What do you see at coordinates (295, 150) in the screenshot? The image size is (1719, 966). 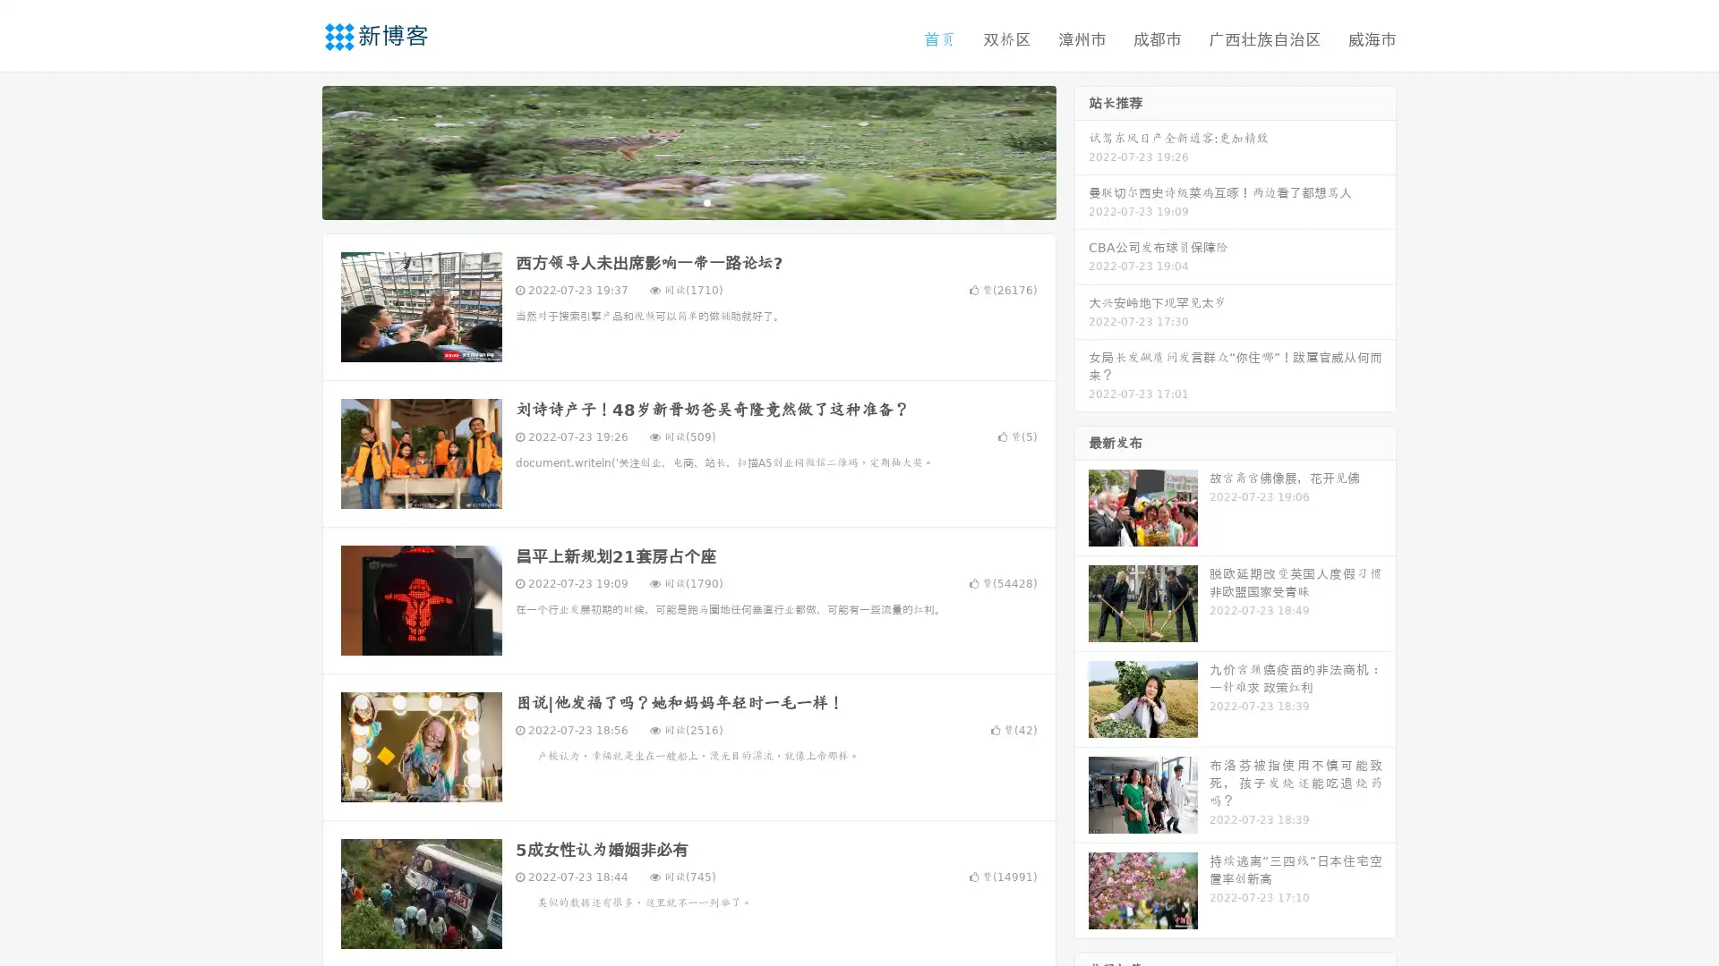 I see `Previous slide` at bounding box center [295, 150].